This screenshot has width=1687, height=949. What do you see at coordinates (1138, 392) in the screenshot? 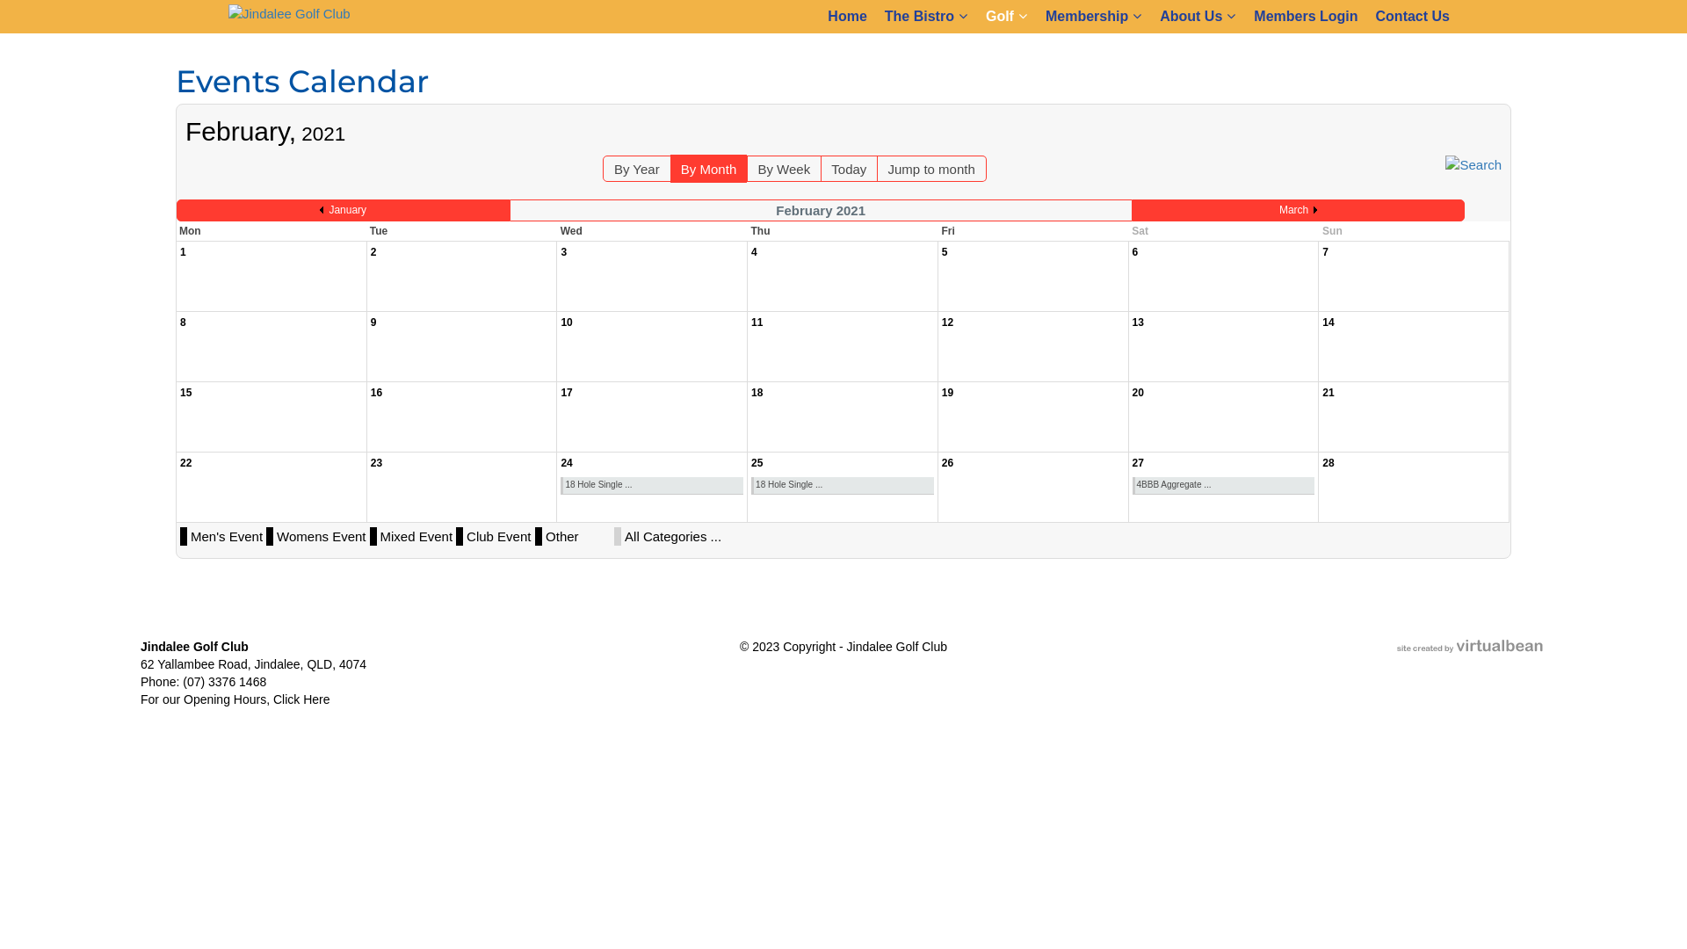
I see `'20'` at bounding box center [1138, 392].